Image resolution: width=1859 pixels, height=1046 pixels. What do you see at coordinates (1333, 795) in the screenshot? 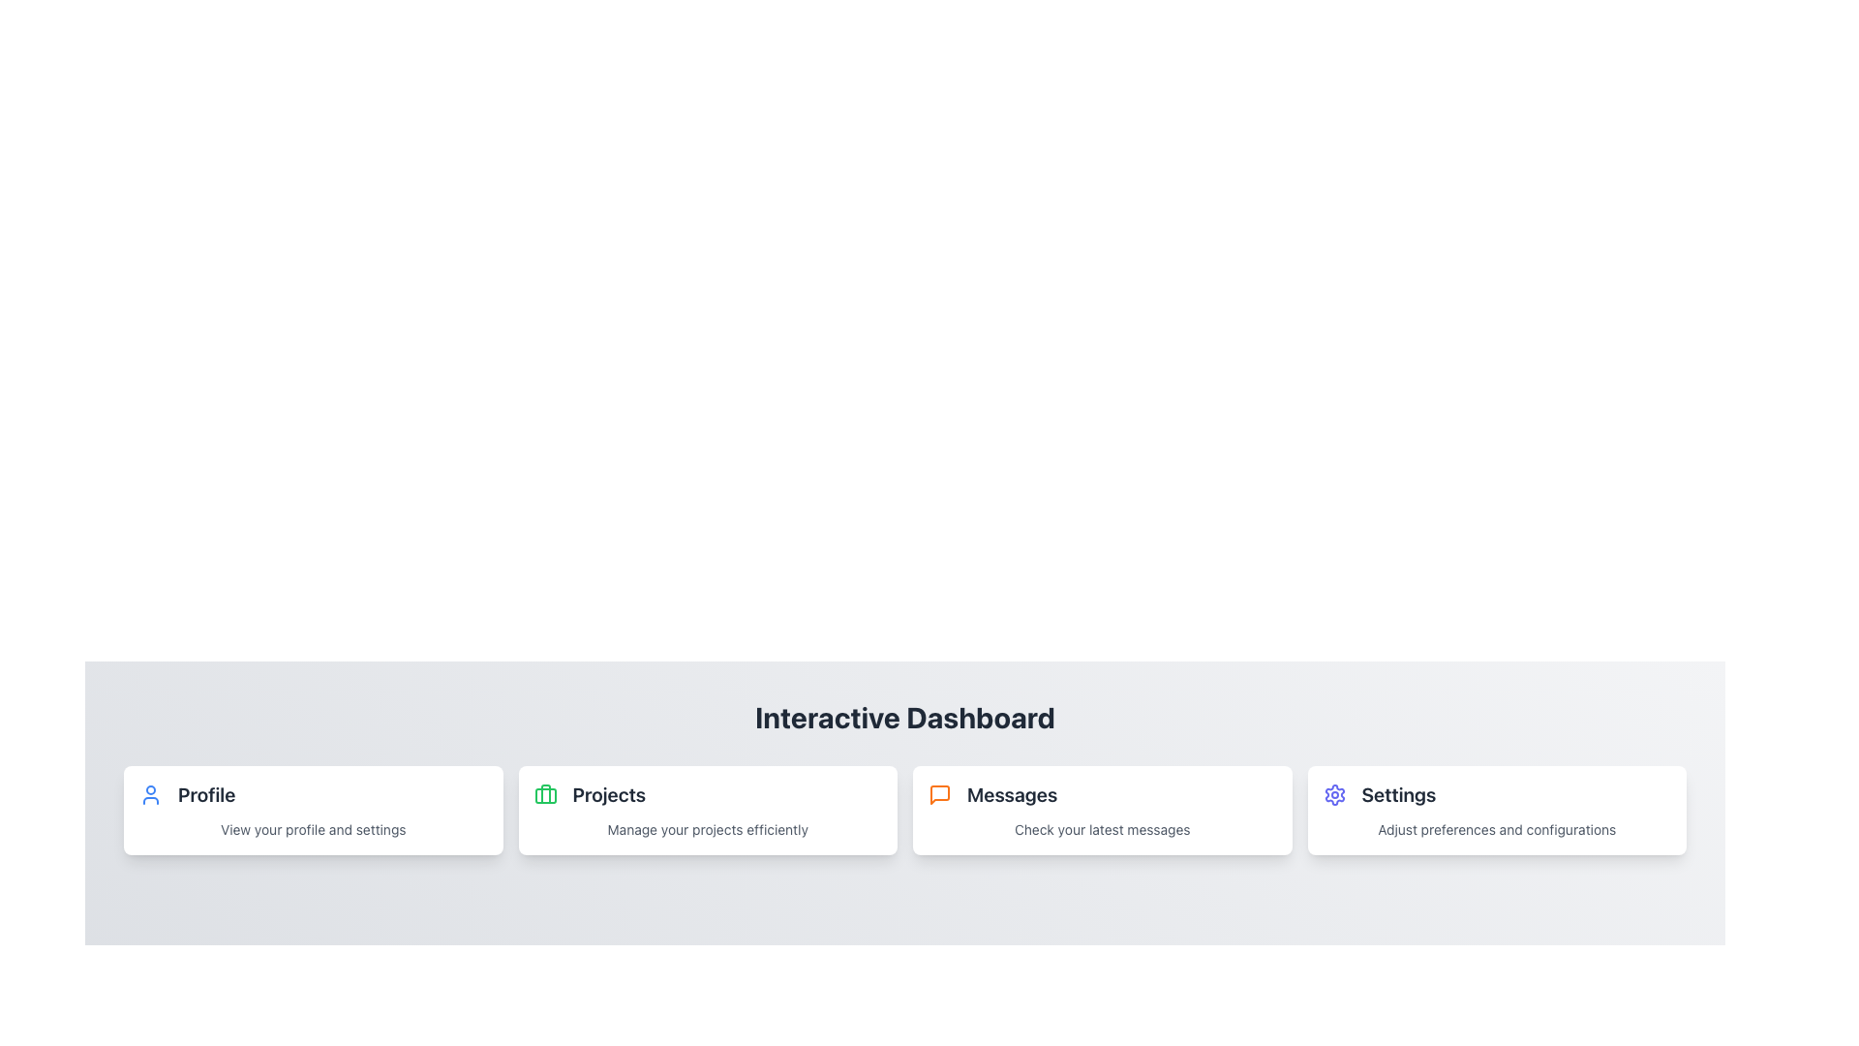
I see `the gear-shaped icon in the 'Settings' section of the bottom menu bar` at bounding box center [1333, 795].